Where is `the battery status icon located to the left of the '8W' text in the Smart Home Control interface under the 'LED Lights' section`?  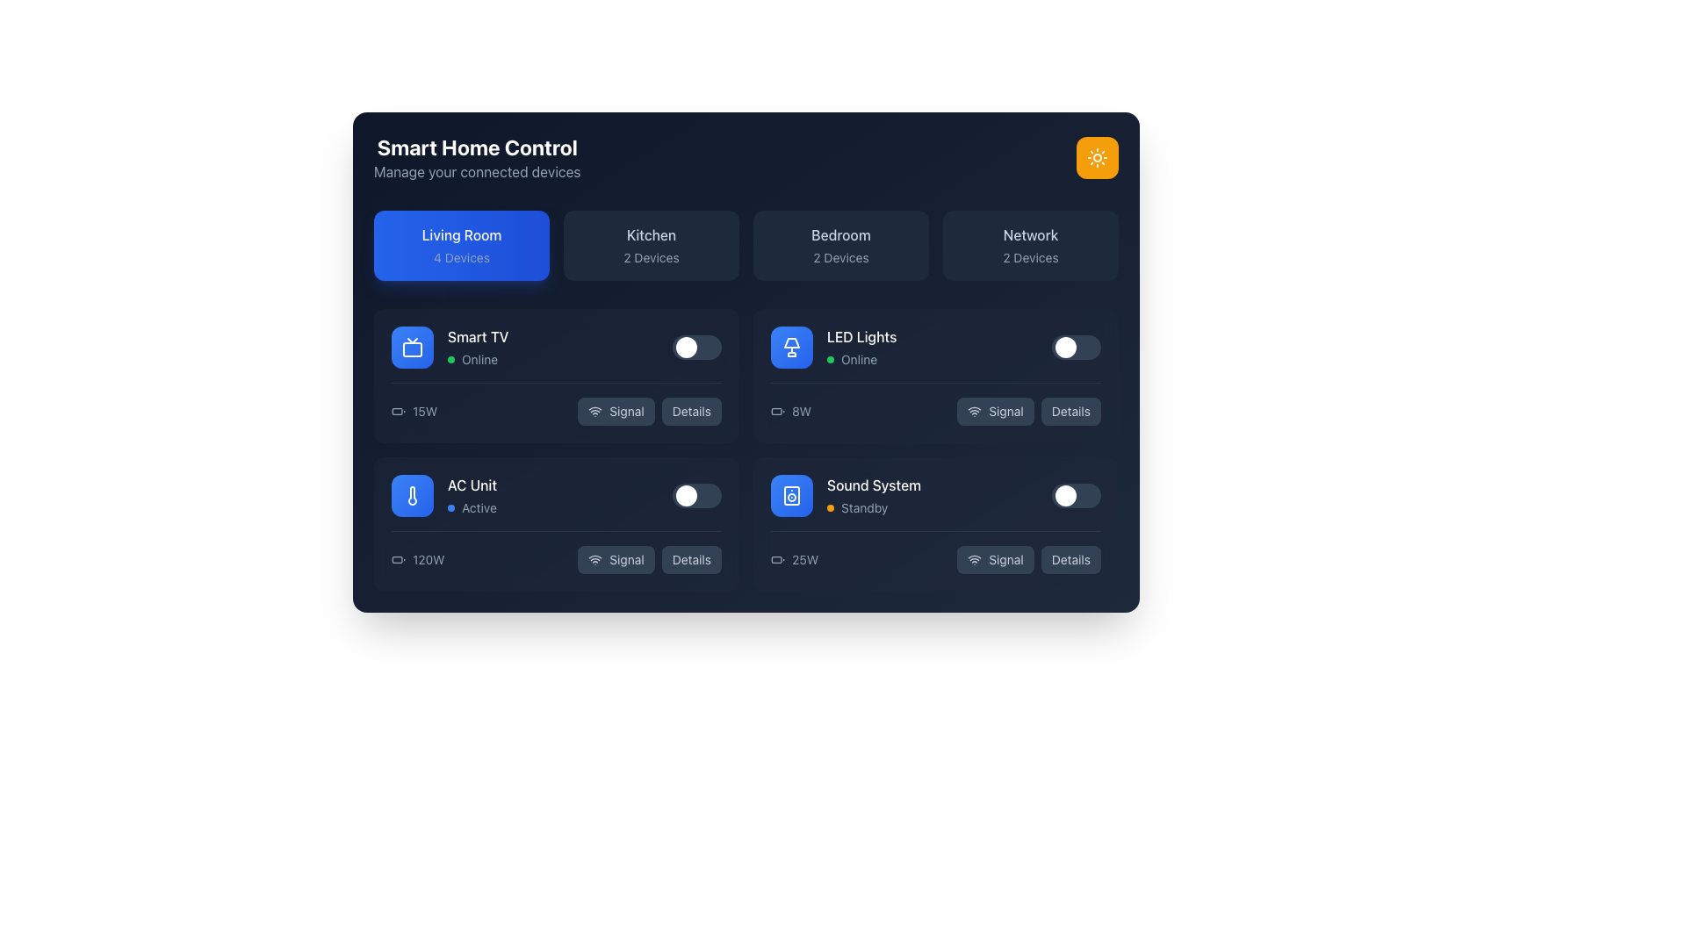
the battery status icon located to the left of the '8W' text in the Smart Home Control interface under the 'LED Lights' section is located at coordinates (777, 412).